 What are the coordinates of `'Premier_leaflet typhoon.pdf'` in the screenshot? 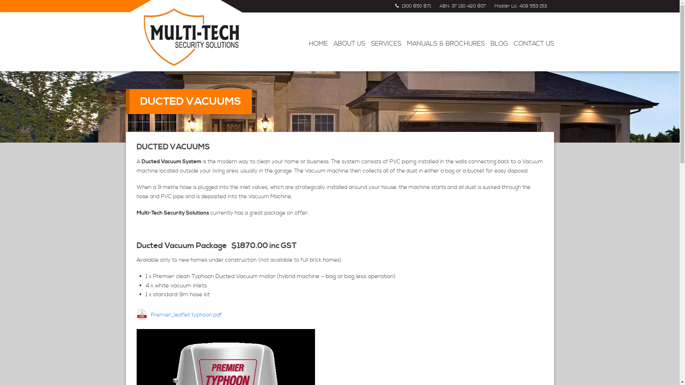 It's located at (179, 314).